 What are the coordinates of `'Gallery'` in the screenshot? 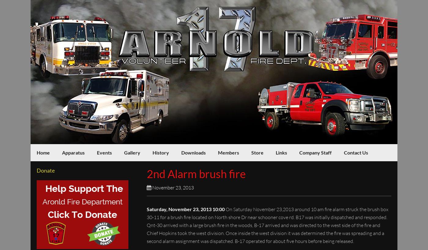 It's located at (132, 152).